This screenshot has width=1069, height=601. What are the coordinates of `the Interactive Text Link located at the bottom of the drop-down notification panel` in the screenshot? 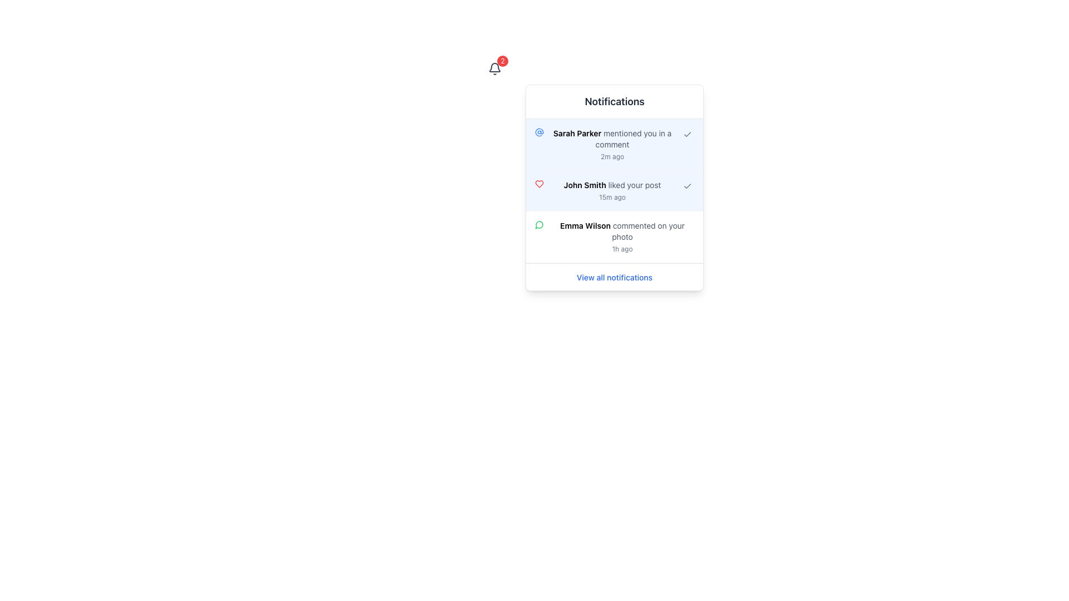 It's located at (614, 276).